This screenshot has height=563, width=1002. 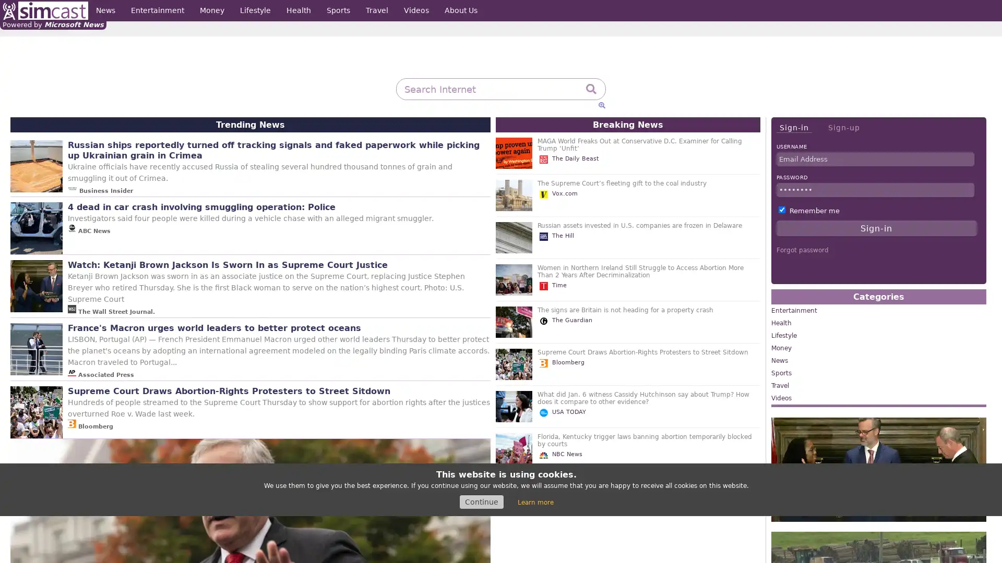 What do you see at coordinates (876, 228) in the screenshot?
I see `Sign-in` at bounding box center [876, 228].